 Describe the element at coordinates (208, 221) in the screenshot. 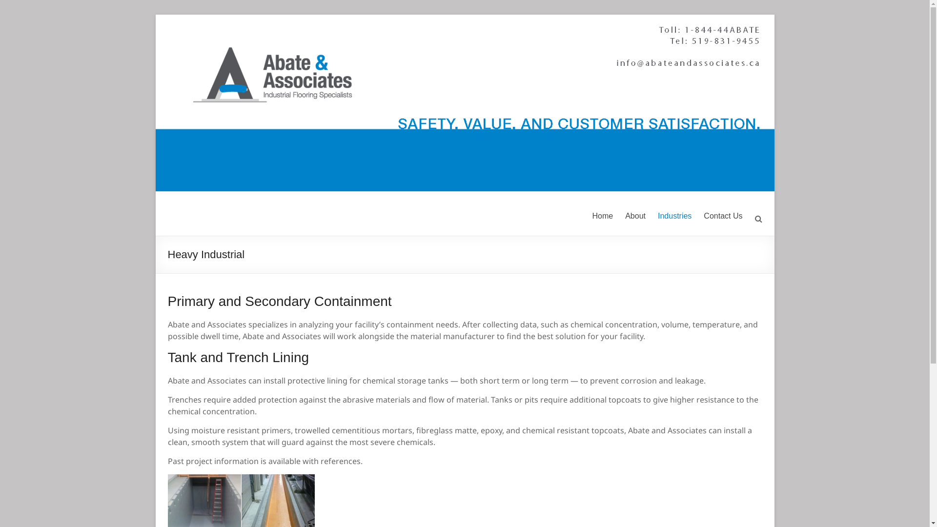

I see `'Abates & Associates'` at that location.